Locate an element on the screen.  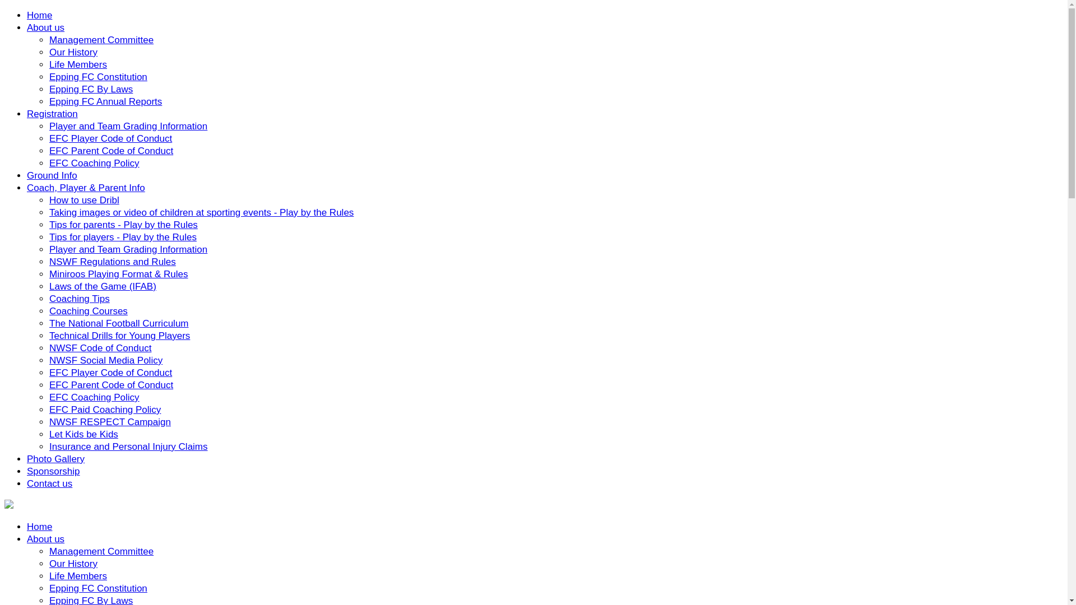
'Ground Info' is located at coordinates (51, 175).